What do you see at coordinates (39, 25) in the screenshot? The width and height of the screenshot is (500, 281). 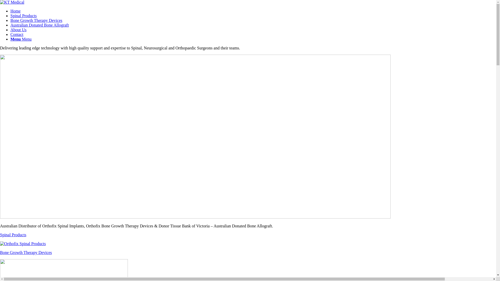 I see `'Australian Donated Bone Allograft'` at bounding box center [39, 25].